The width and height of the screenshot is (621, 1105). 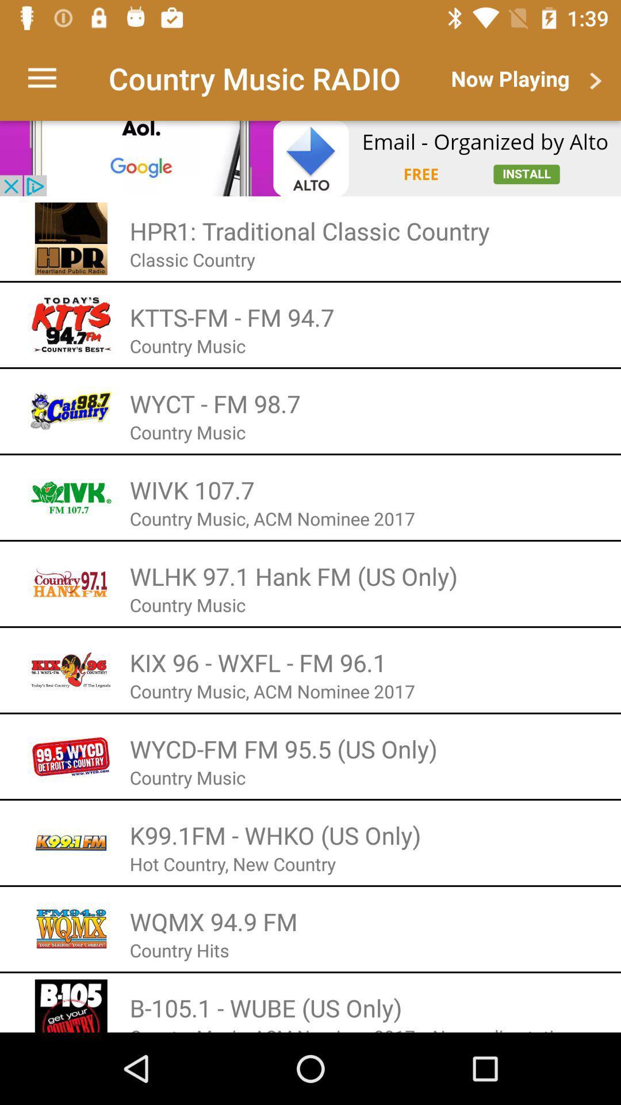 What do you see at coordinates (310, 158) in the screenshot?
I see `advertisement` at bounding box center [310, 158].